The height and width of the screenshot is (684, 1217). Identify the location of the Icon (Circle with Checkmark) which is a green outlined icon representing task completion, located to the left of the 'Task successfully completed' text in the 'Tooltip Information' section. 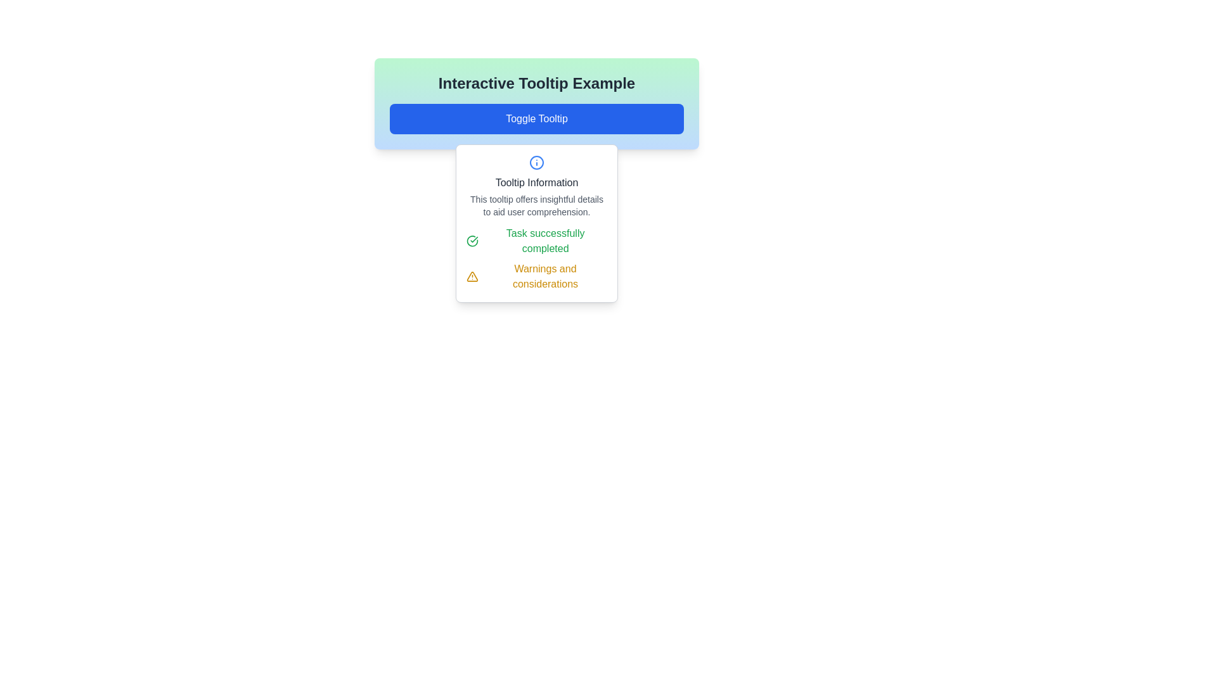
(472, 241).